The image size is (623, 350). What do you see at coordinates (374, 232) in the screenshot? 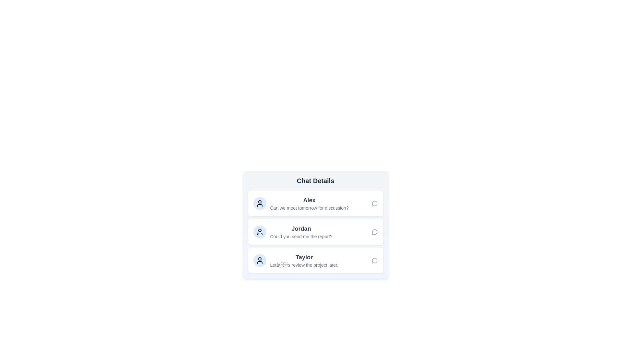
I see `the chat icon for the user Jordan` at bounding box center [374, 232].